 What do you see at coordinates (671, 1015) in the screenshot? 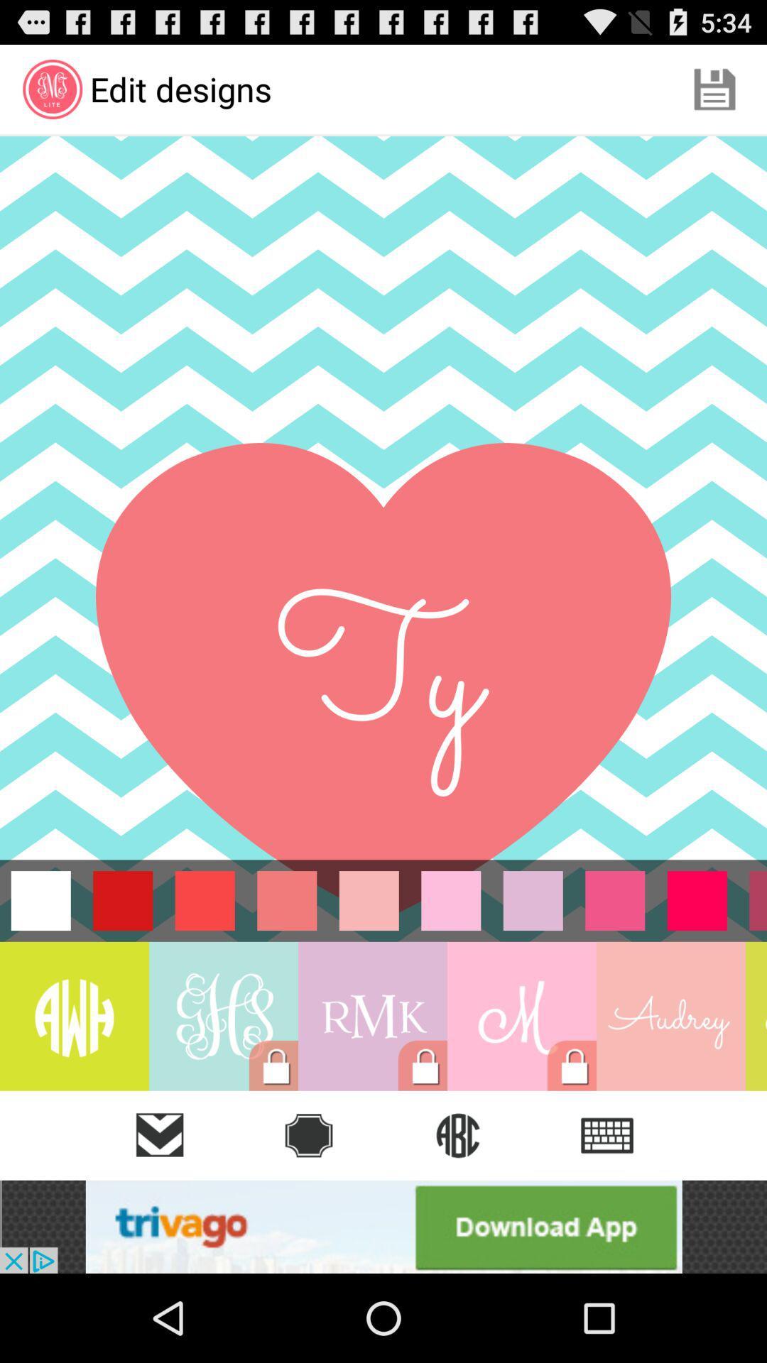
I see `audrey` at bounding box center [671, 1015].